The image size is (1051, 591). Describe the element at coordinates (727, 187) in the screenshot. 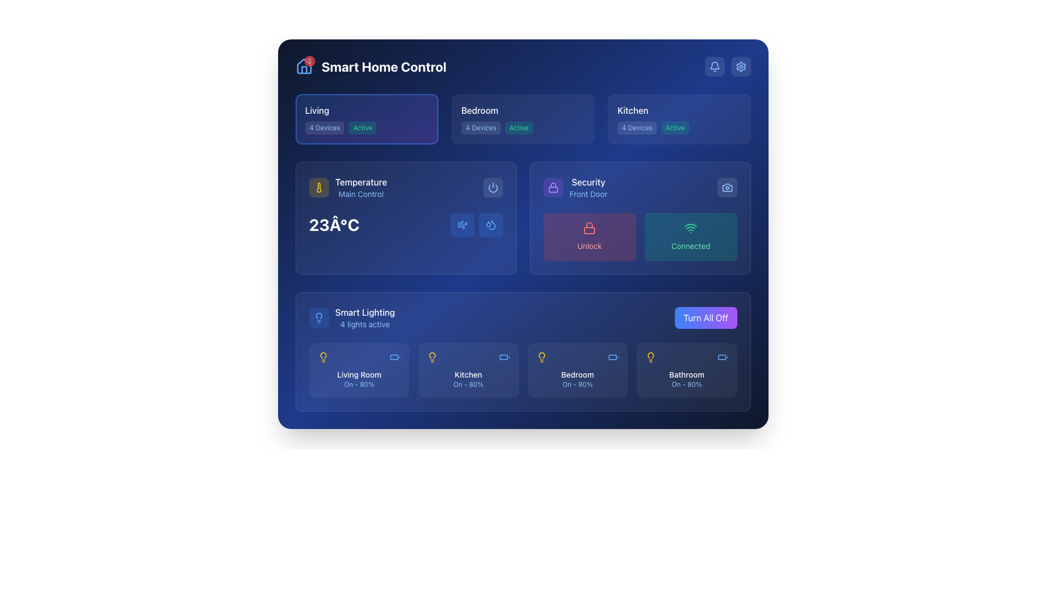

I see `the camera icon with a metallic blue outline located at the top-right of the 'Security' card module` at that location.